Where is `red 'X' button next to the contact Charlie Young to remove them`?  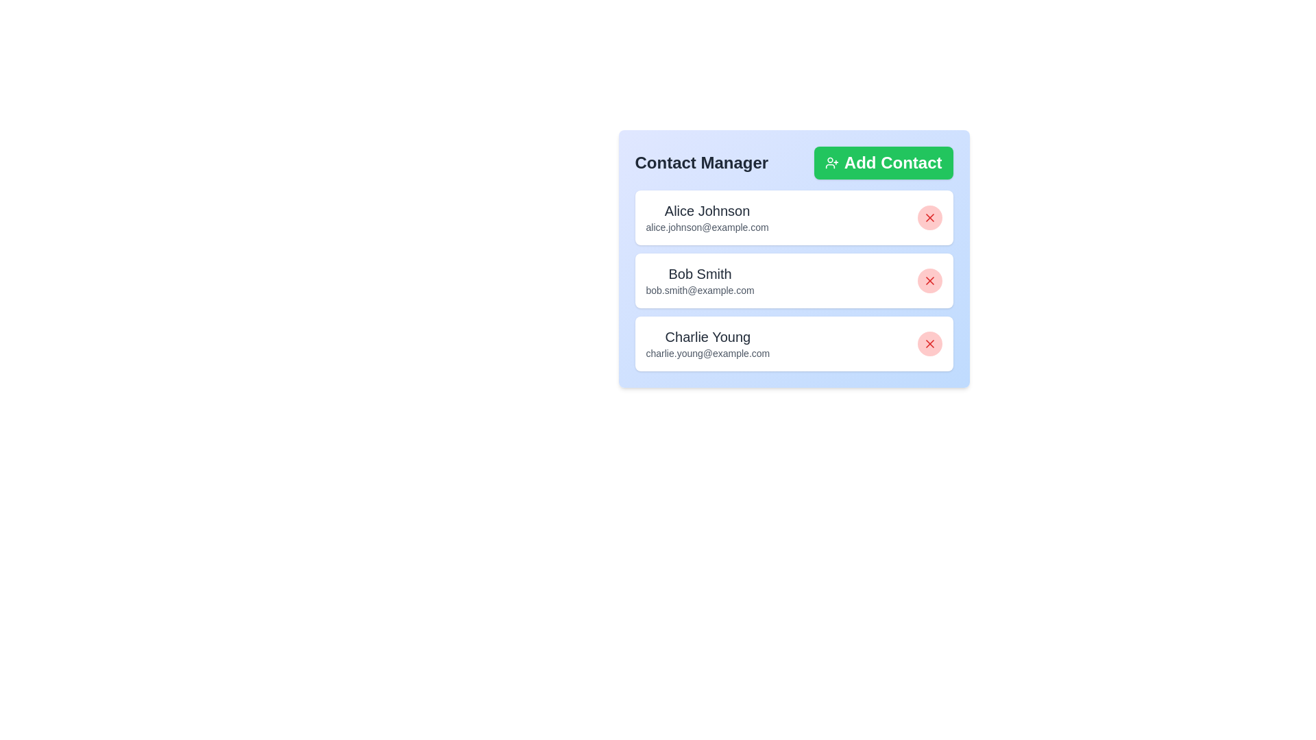 red 'X' button next to the contact Charlie Young to remove them is located at coordinates (929, 343).